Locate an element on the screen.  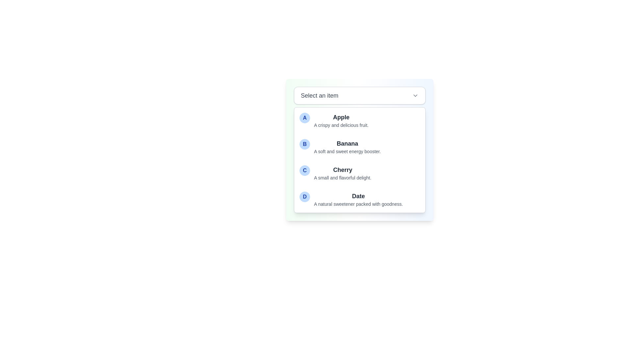
the third item in the dropdown list, which is located between 'Banana' and 'Date' is located at coordinates (359, 173).